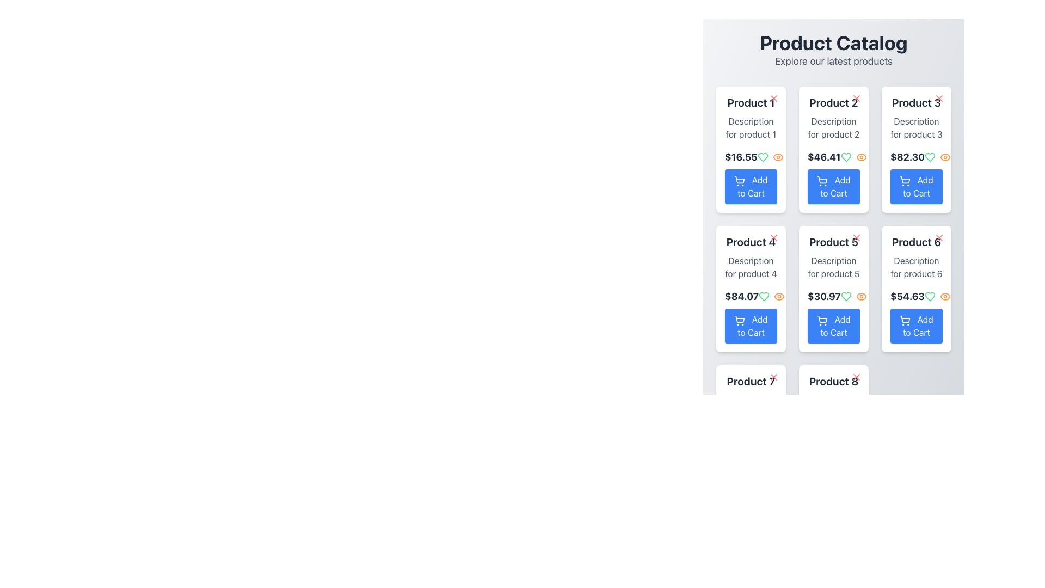  Describe the element at coordinates (833, 267) in the screenshot. I see `text label displaying 'Description for product 5' in gray font, located below the product name 'Product 5' and above the price '$30.97'` at that location.